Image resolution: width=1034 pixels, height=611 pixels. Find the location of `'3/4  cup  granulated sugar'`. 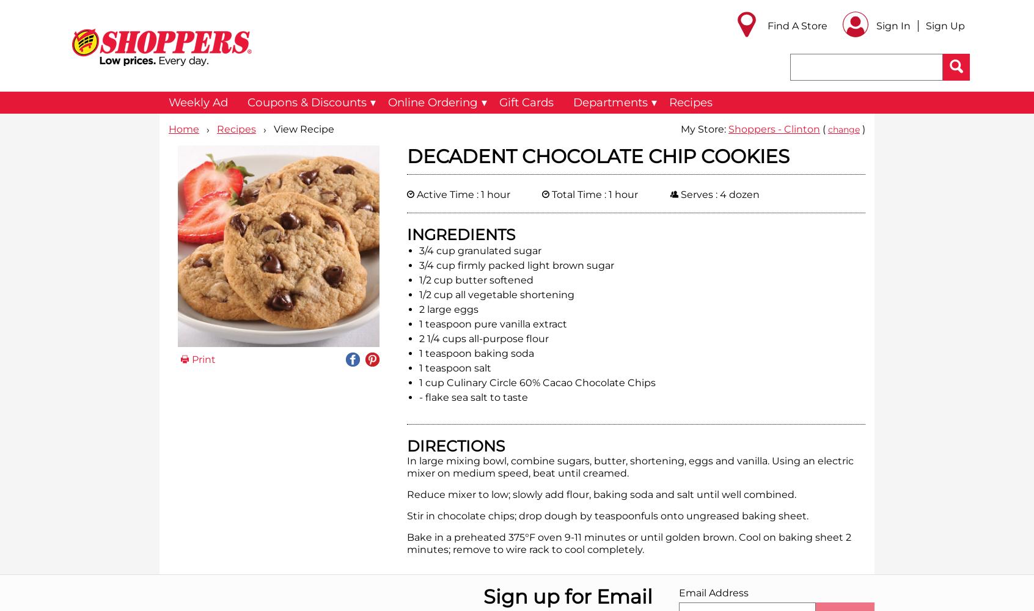

'3/4  cup  granulated sugar' is located at coordinates (479, 250).